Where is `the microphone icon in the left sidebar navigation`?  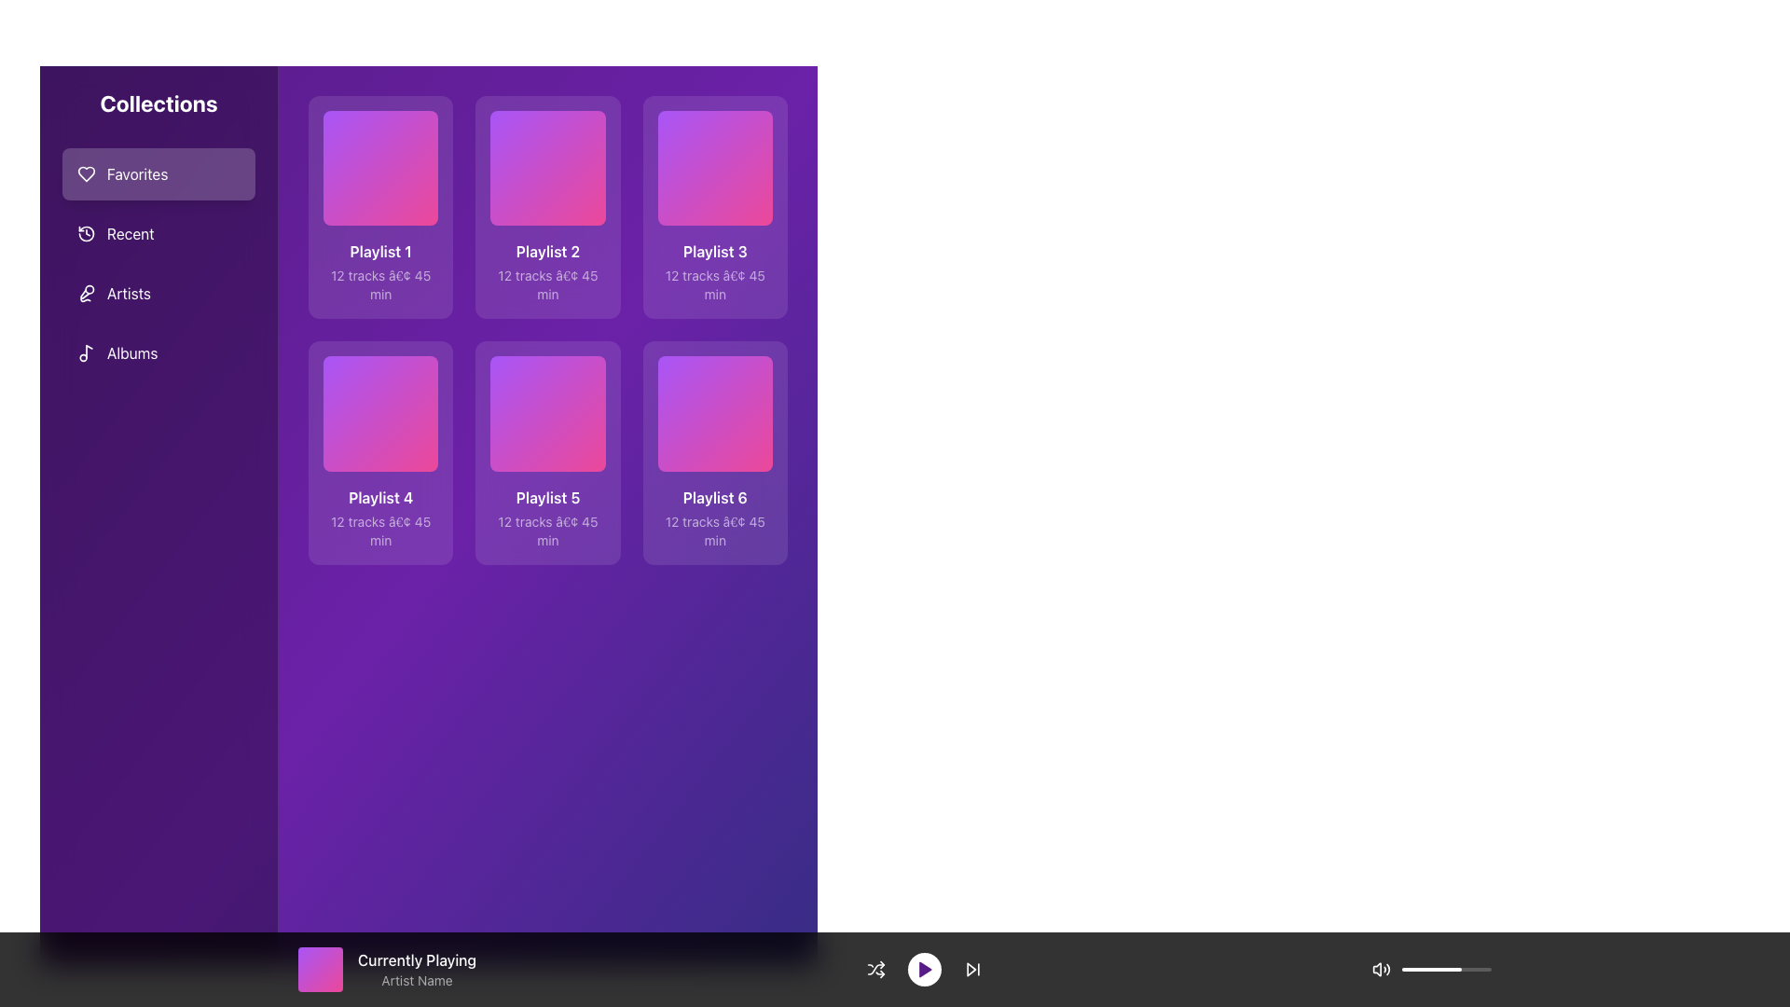 the microphone icon in the left sidebar navigation is located at coordinates (85, 294).